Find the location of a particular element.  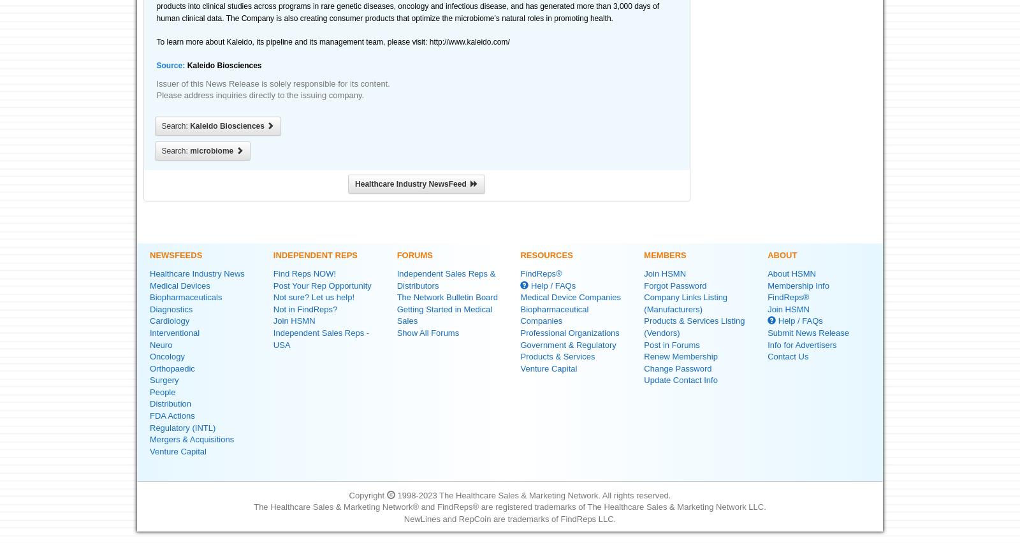

'Regulatory (INTL)' is located at coordinates (182, 426).